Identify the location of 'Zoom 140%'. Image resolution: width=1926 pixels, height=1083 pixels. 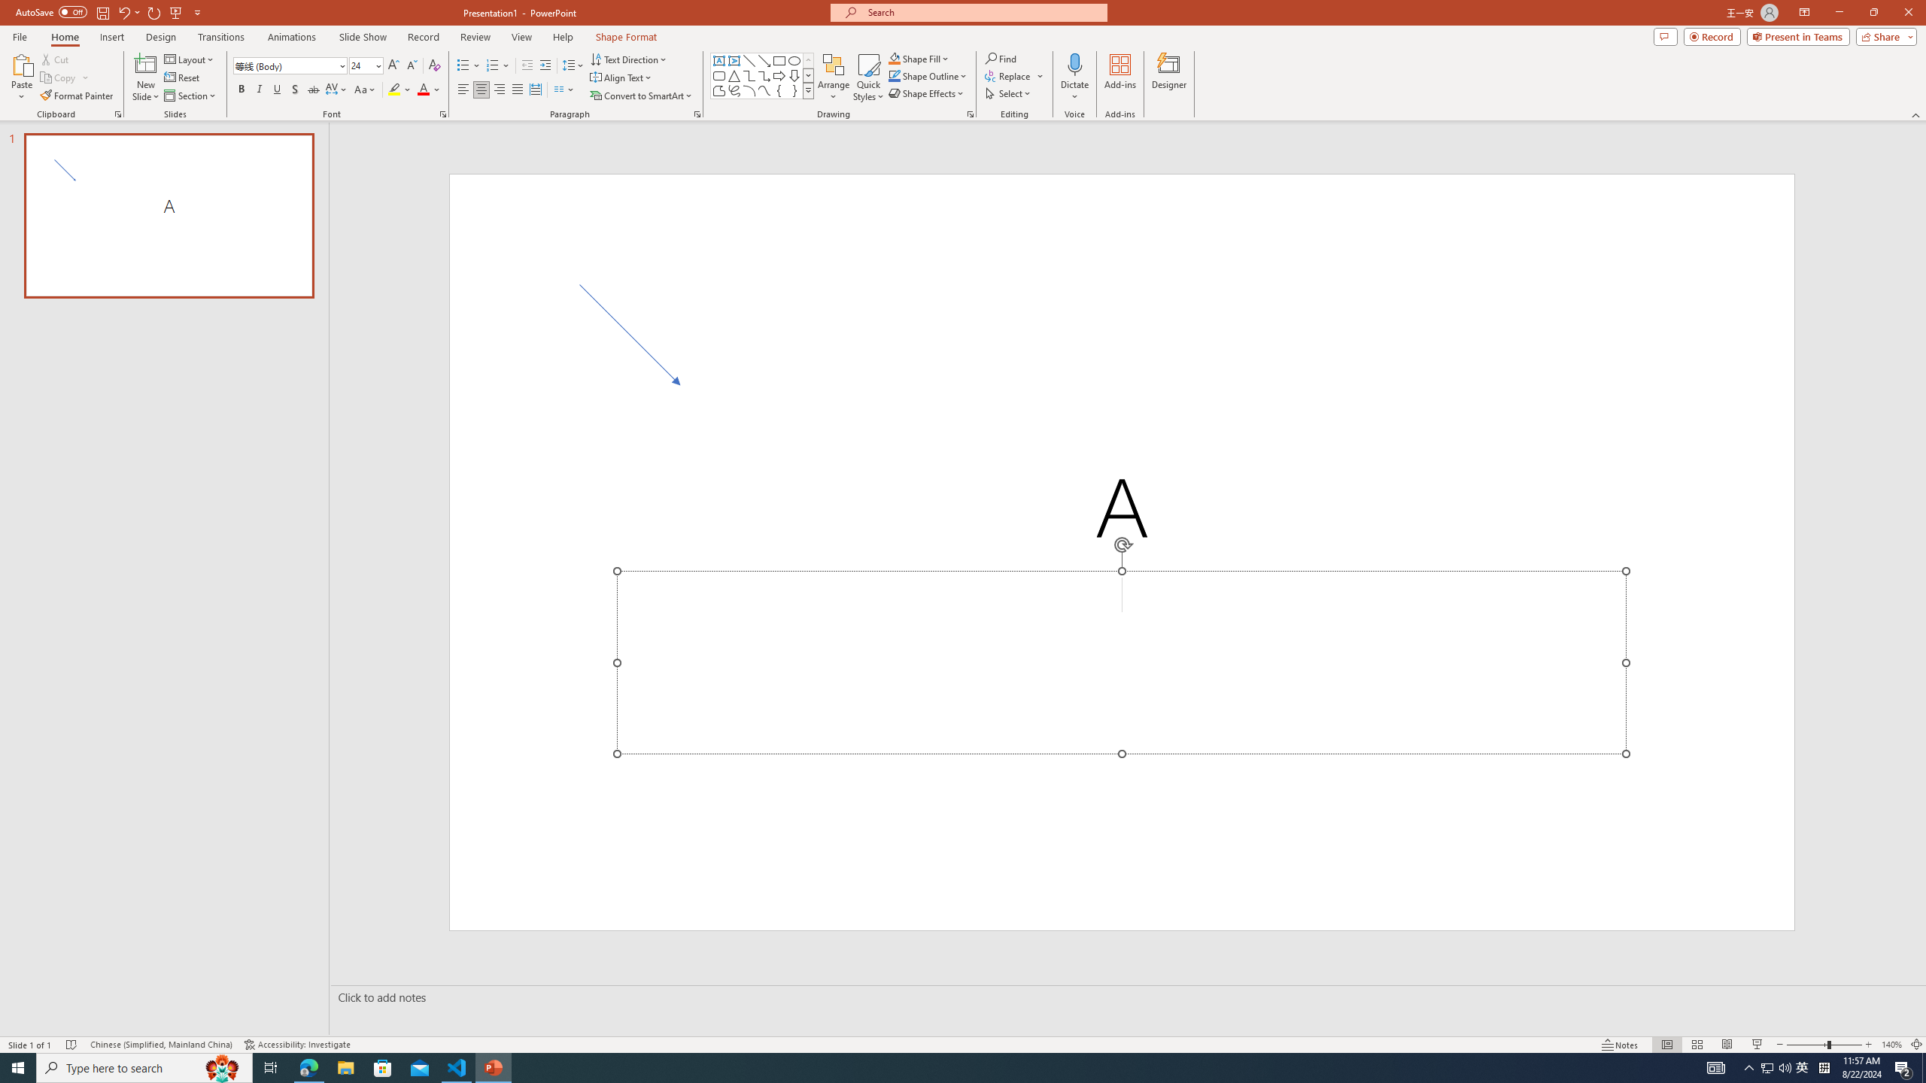
(1892, 1045).